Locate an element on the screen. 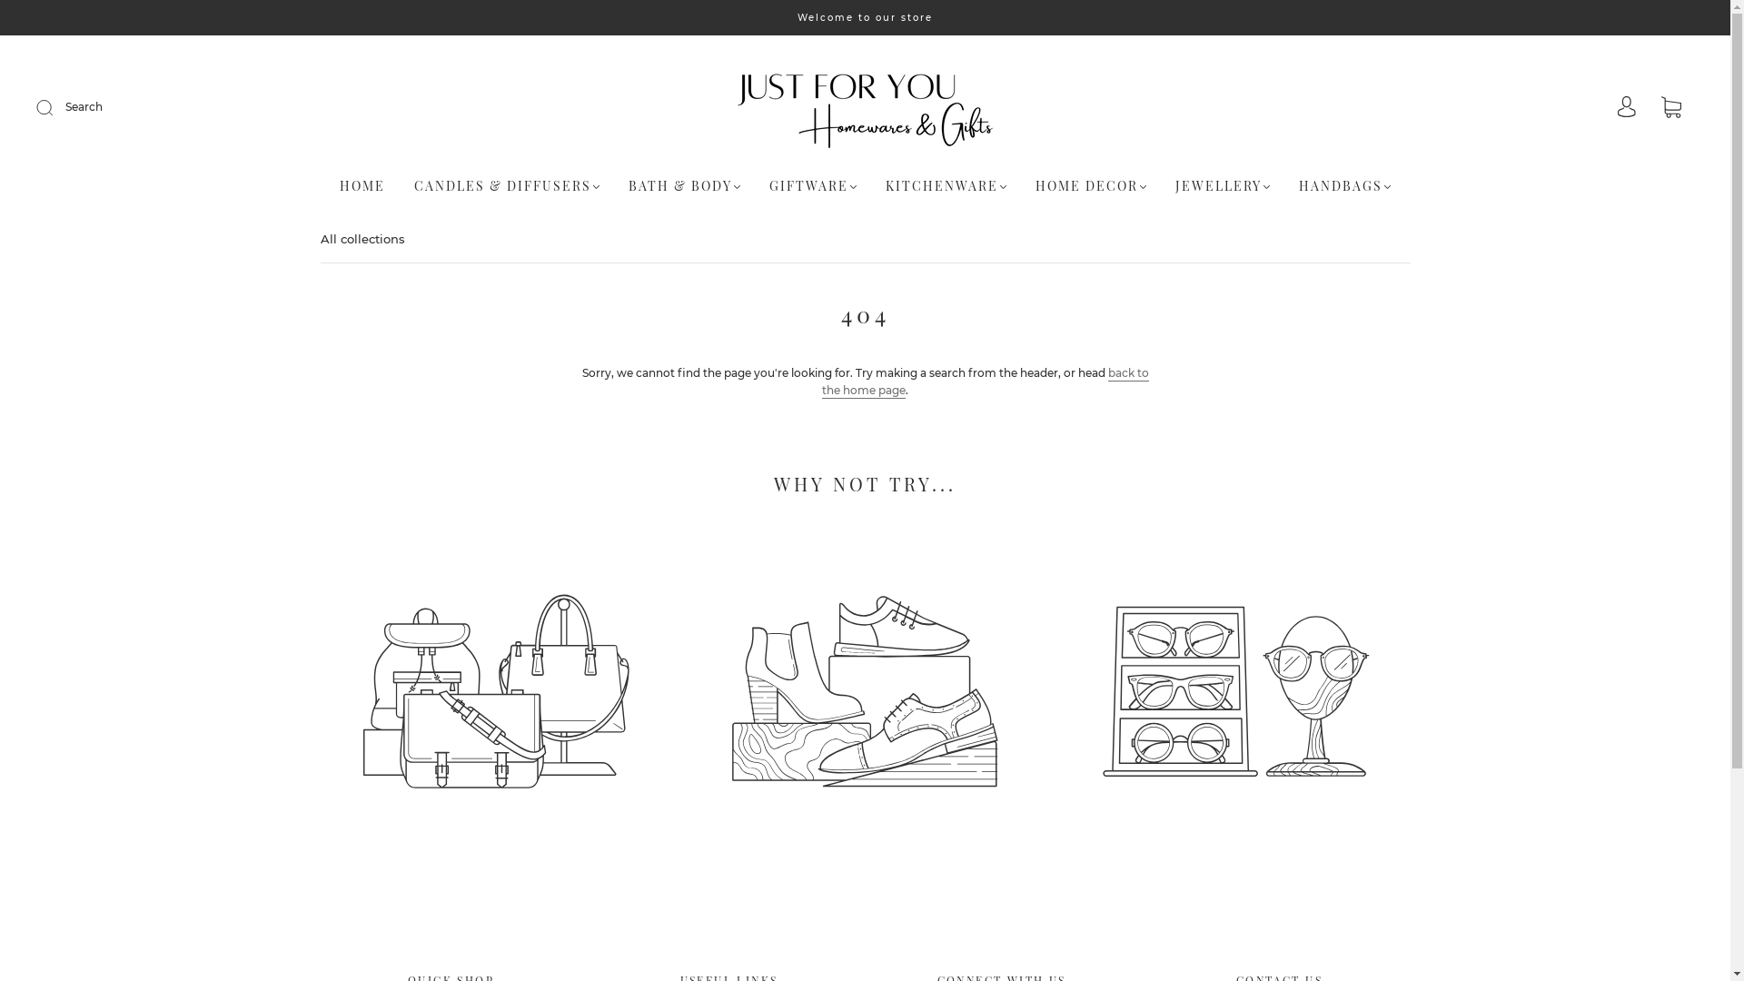 This screenshot has height=981, width=1744. 'CANDLES & DIFFUSERS' is located at coordinates (506, 185).